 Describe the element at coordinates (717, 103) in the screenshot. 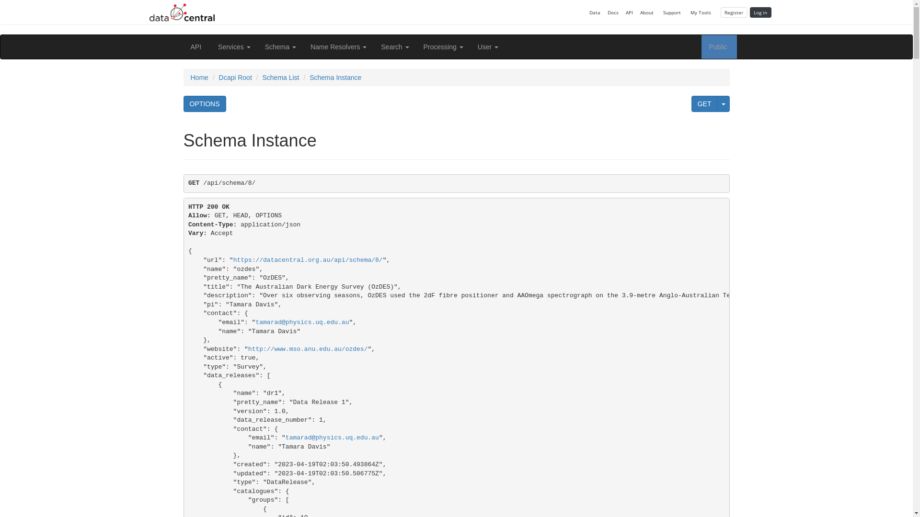

I see `'Specify a format for the GET request'` at that location.